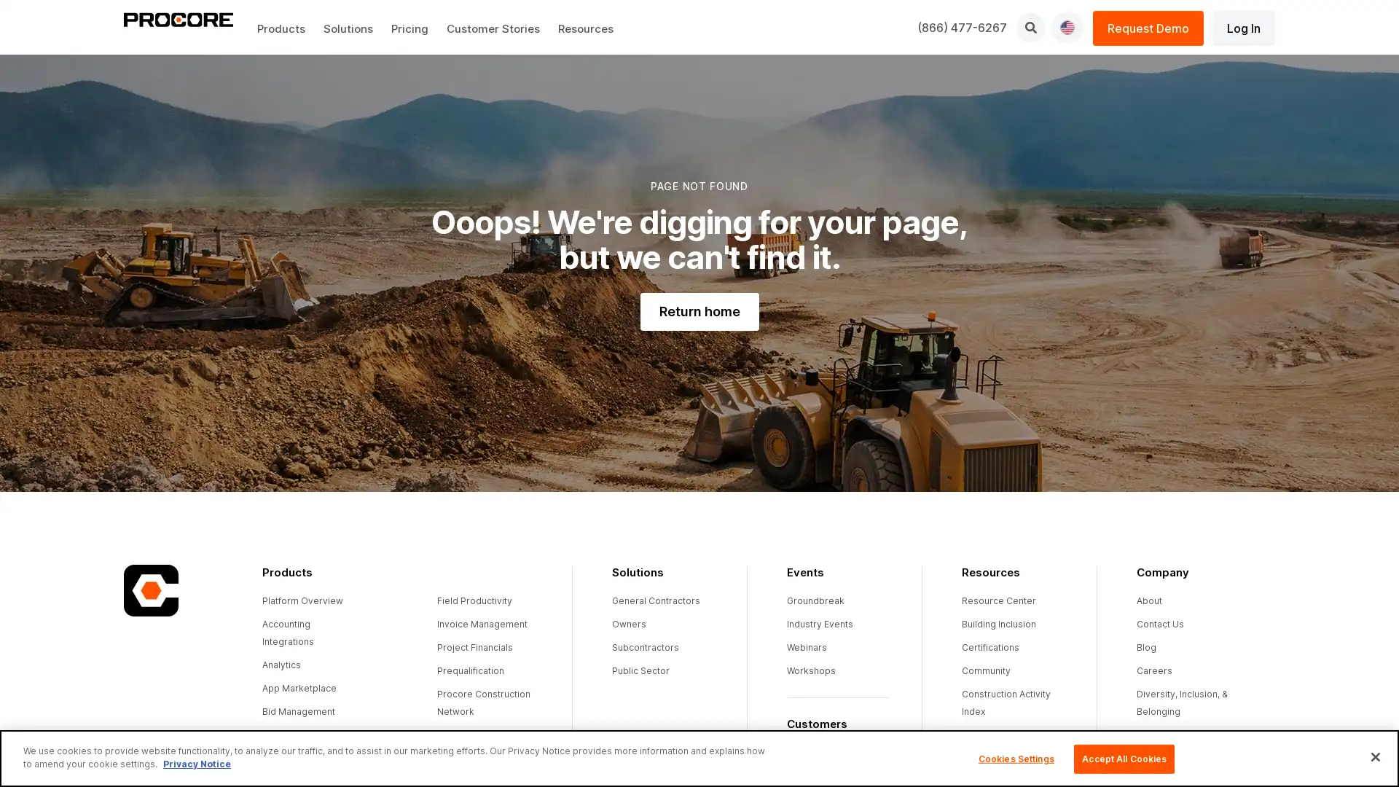  I want to click on Accept All Cookies, so click(1123, 758).